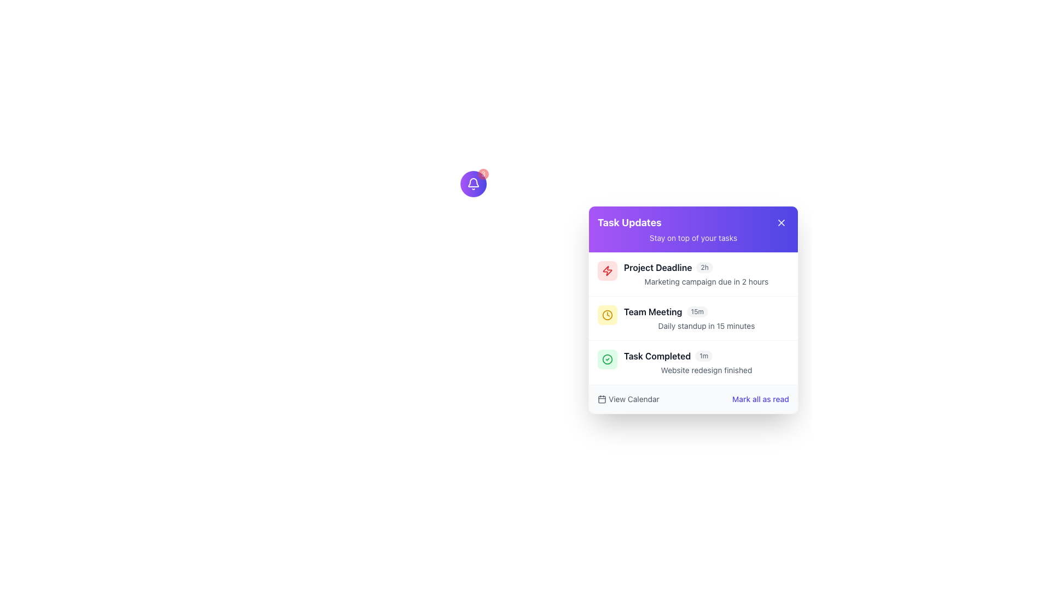 This screenshot has height=590, width=1050. What do you see at coordinates (692, 273) in the screenshot?
I see `the topmost notification entry in the 'Task Updates' section, which features a red icon on the left, a bold heading 'Project Deadline', and a time indication '2h'` at bounding box center [692, 273].